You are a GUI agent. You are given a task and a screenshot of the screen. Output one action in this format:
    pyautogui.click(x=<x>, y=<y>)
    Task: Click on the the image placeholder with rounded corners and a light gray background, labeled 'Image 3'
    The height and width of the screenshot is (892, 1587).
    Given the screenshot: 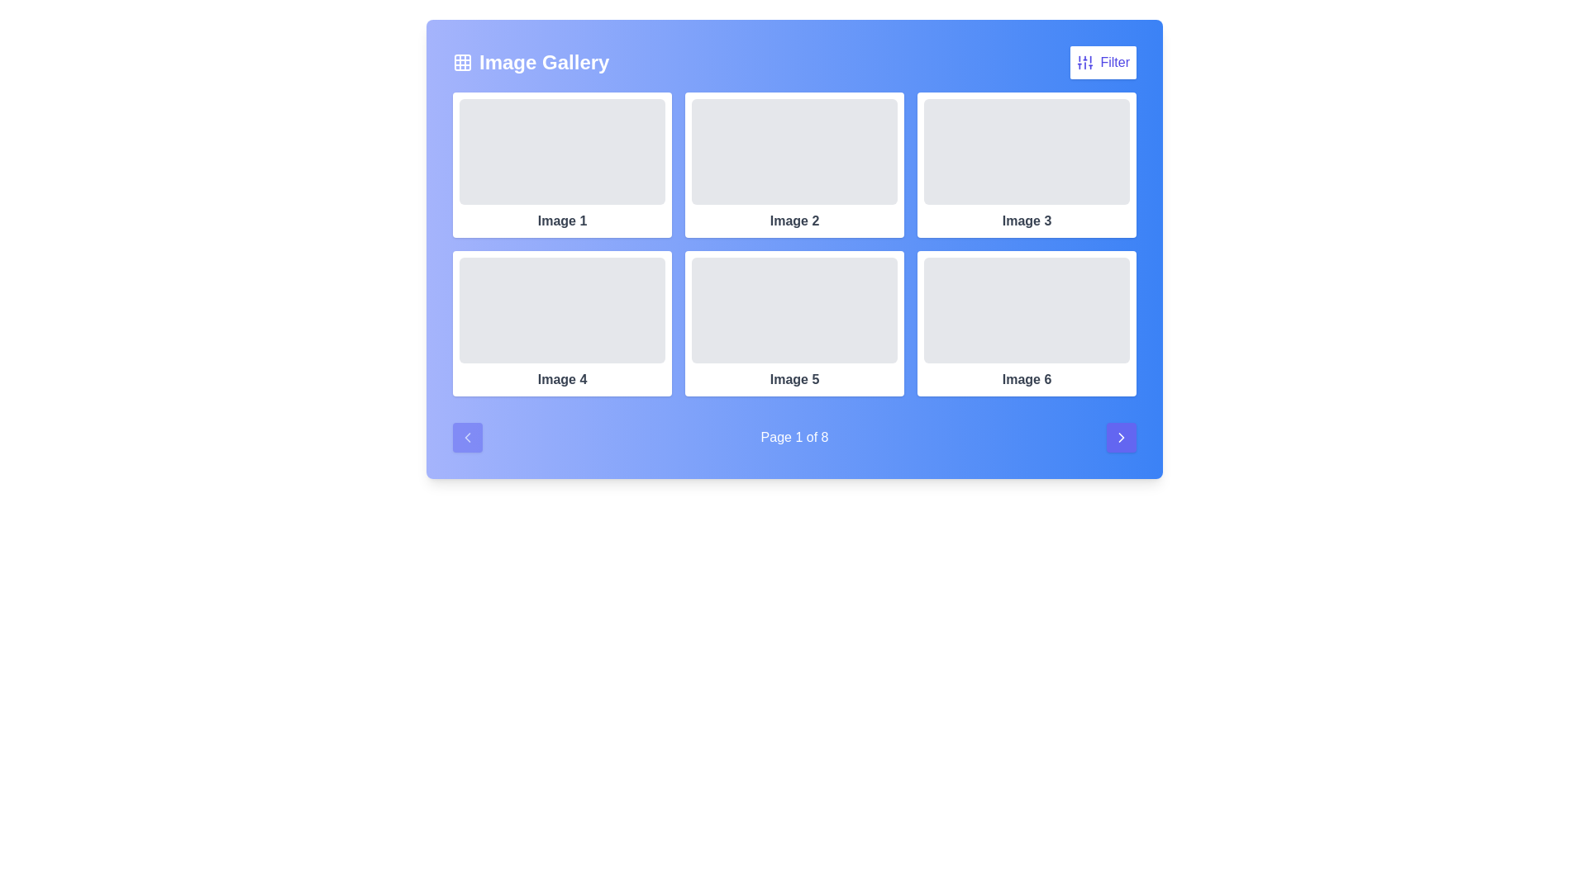 What is the action you would take?
    pyautogui.click(x=1026, y=152)
    